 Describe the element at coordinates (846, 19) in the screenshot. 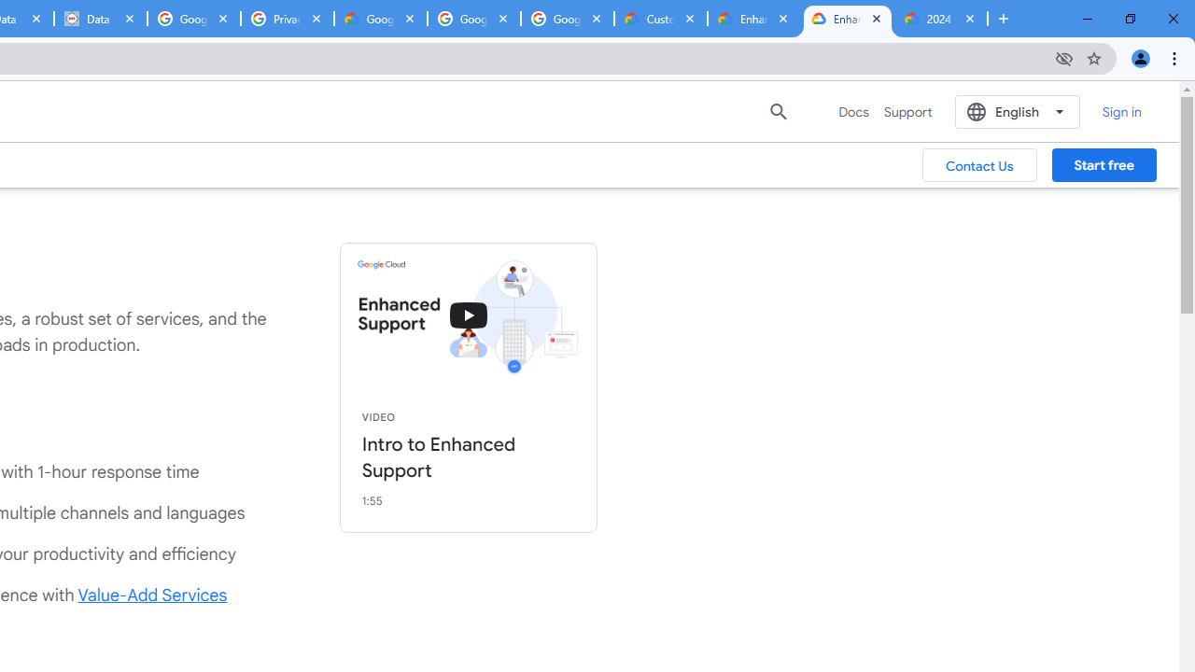

I see `'Enhanced Support | Google Cloud'` at that location.